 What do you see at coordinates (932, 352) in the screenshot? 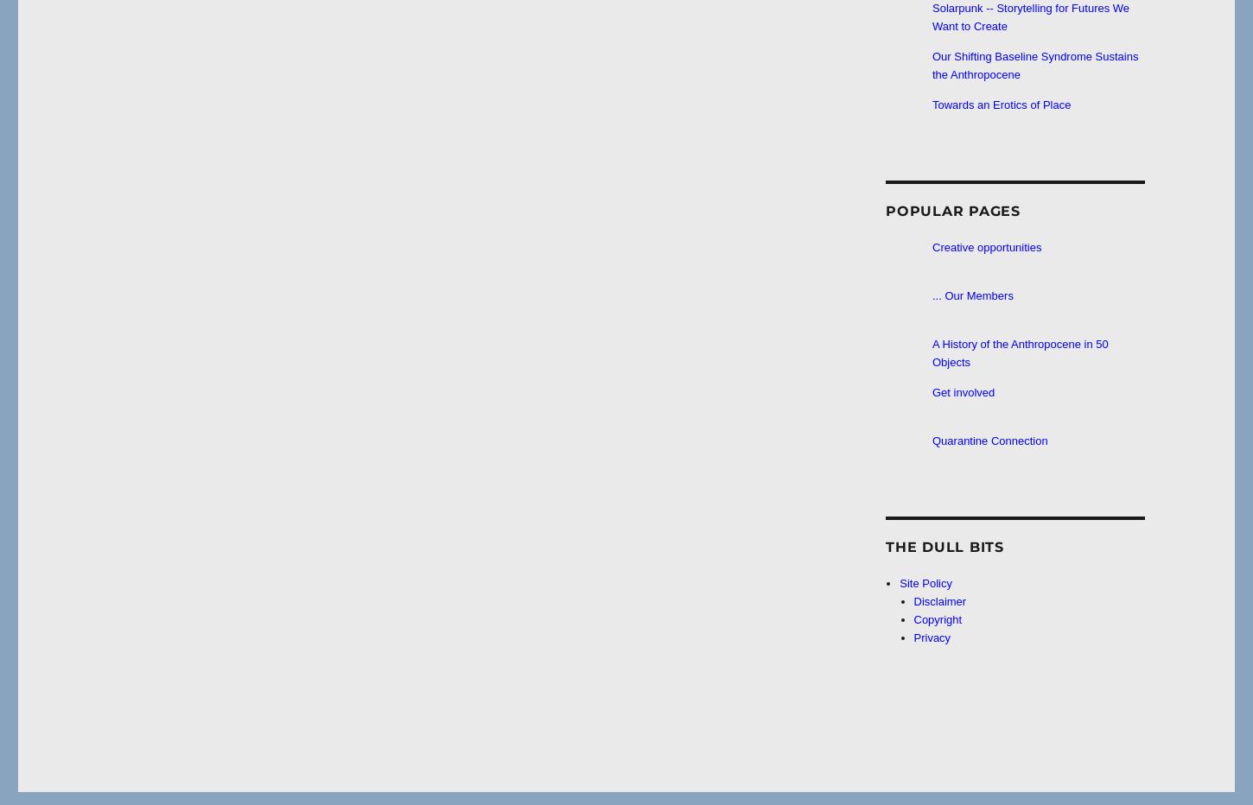
I see `'A History of the Anthropocene in 50 Objects'` at bounding box center [932, 352].